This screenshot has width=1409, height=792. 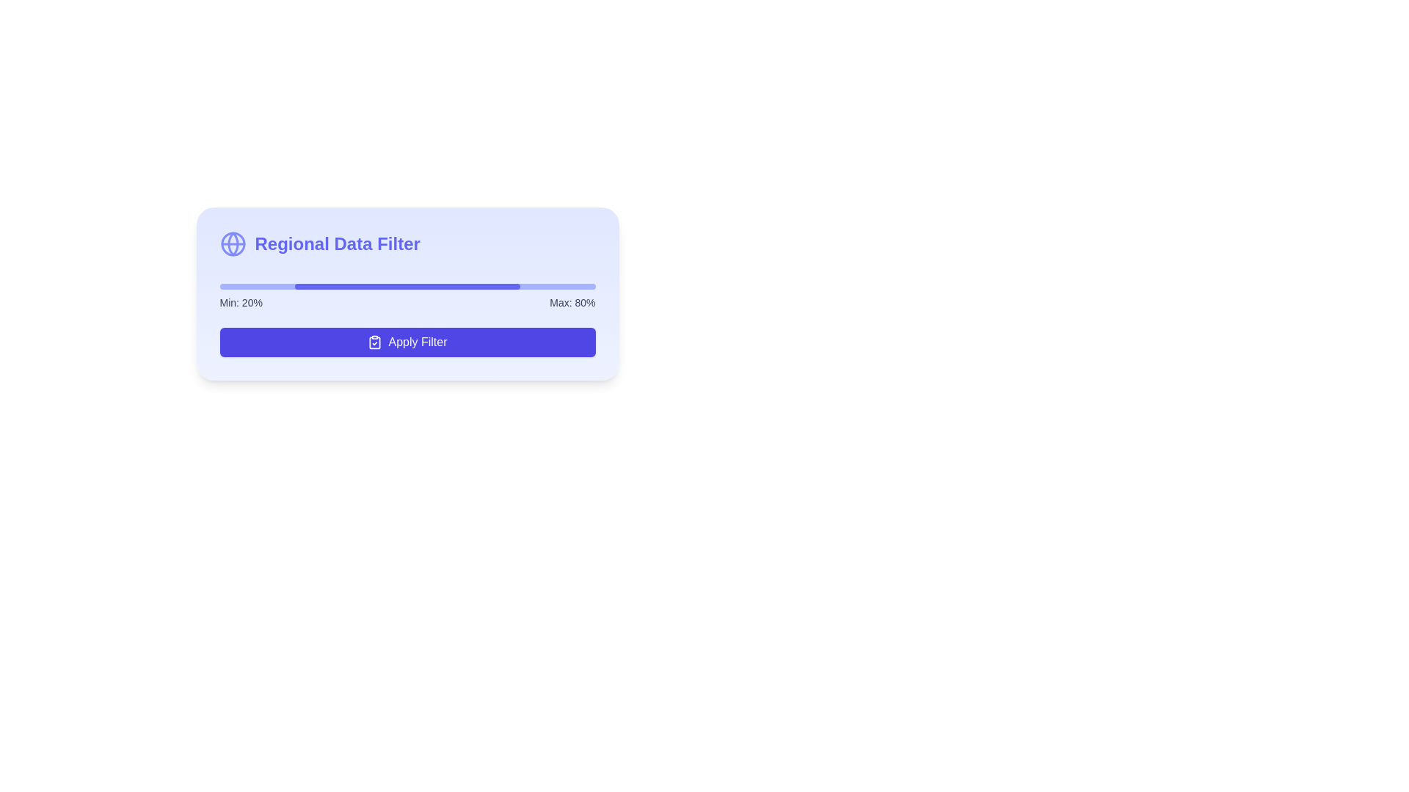 I want to click on the slider, so click(x=564, y=283).